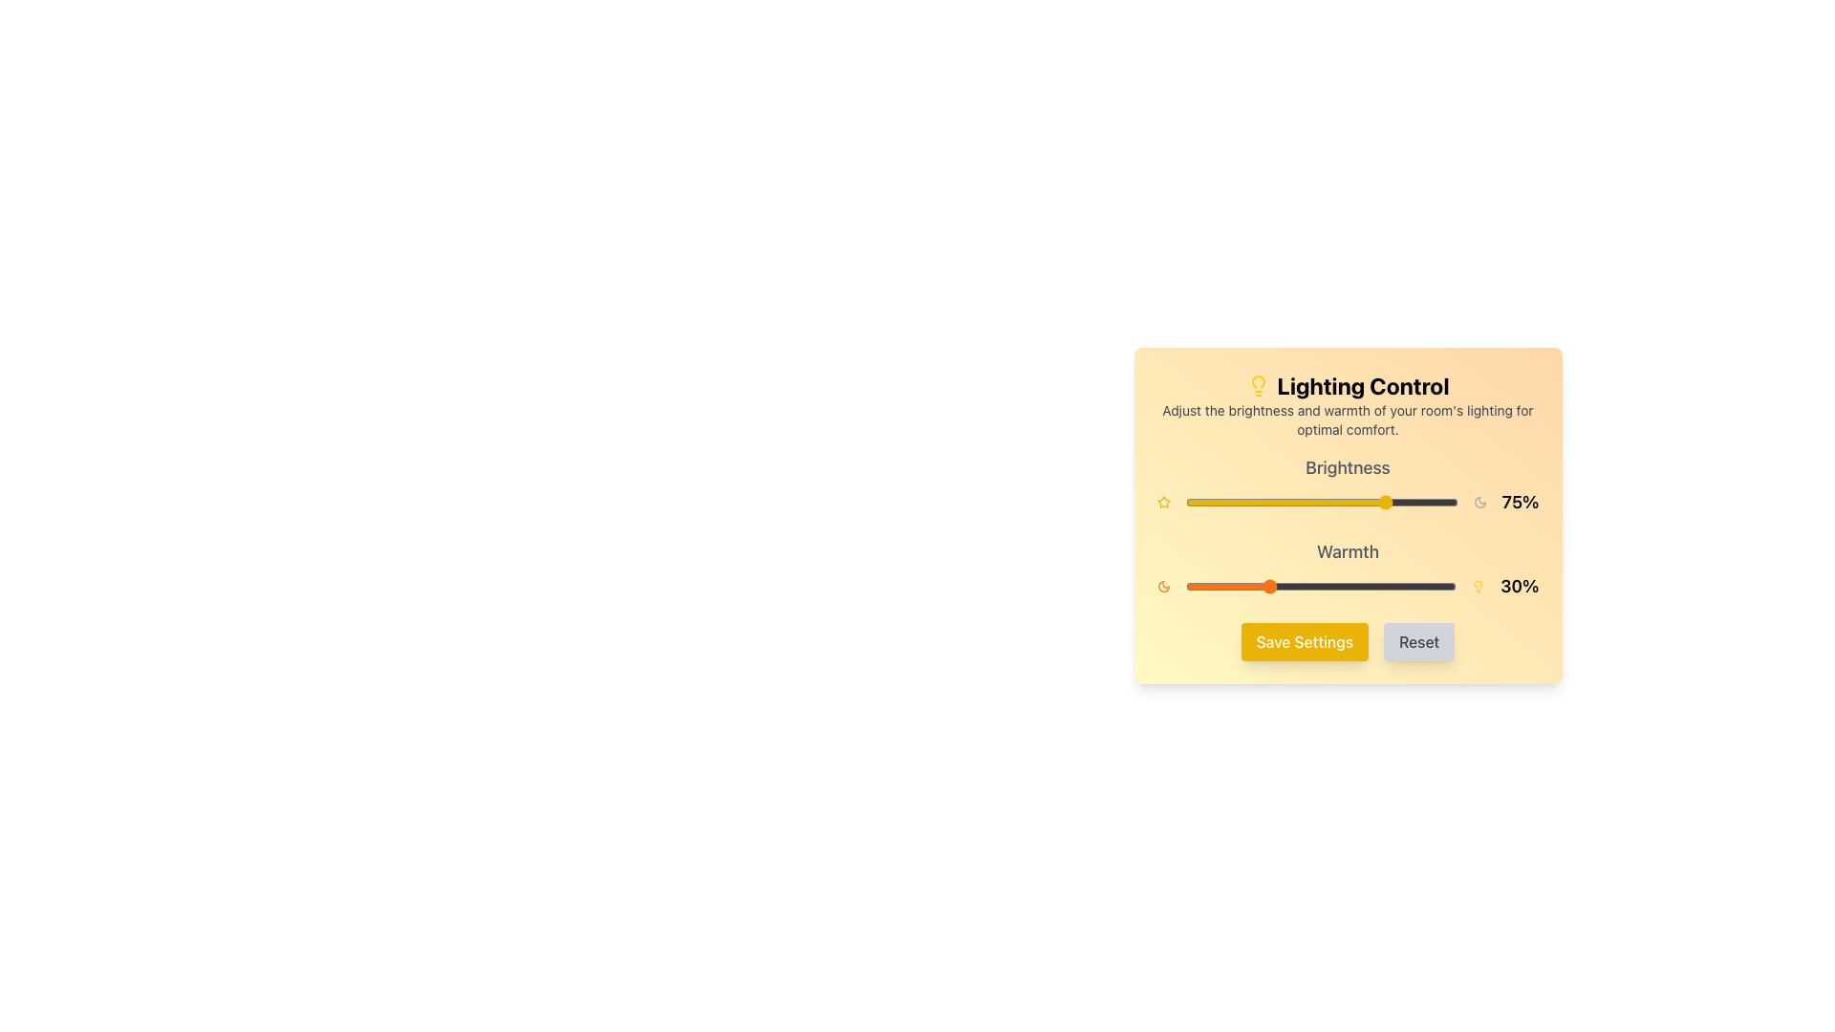  What do you see at coordinates (1347, 467) in the screenshot?
I see `the Static Text that labels the slider below it, positioned above the '75%' slider in the lighting adjustment section` at bounding box center [1347, 467].